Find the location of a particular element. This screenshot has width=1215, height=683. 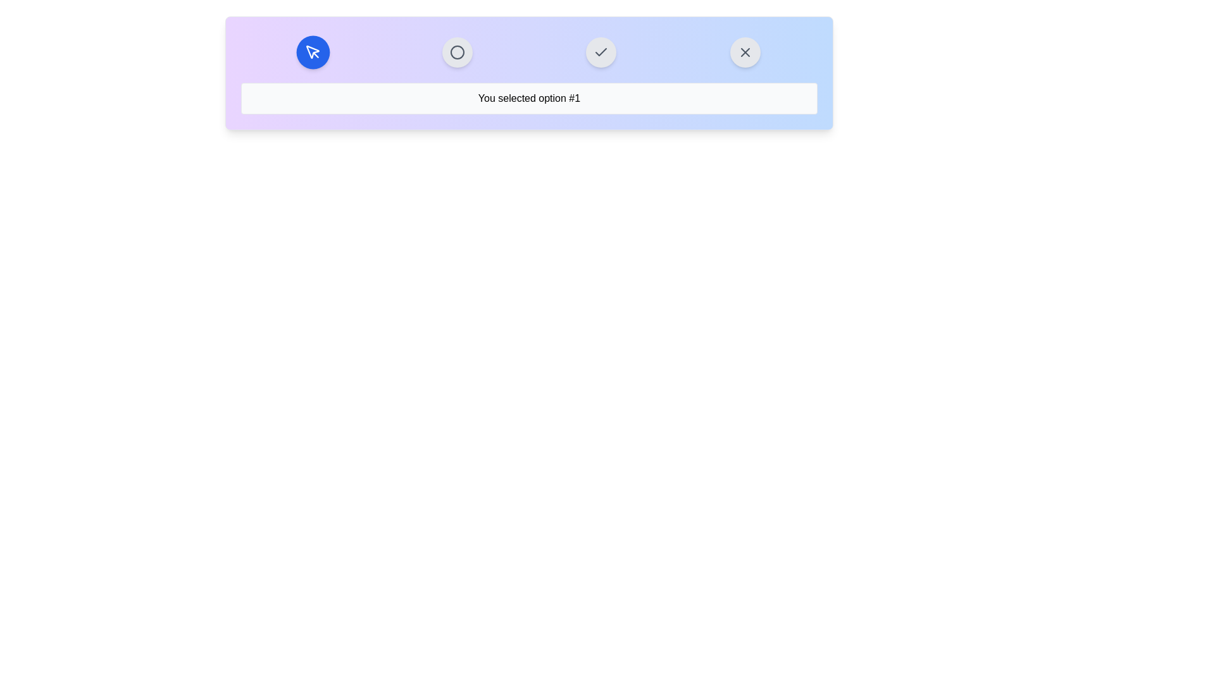

the icon corresponding to 3 by clicking the respective button is located at coordinates (601, 52).